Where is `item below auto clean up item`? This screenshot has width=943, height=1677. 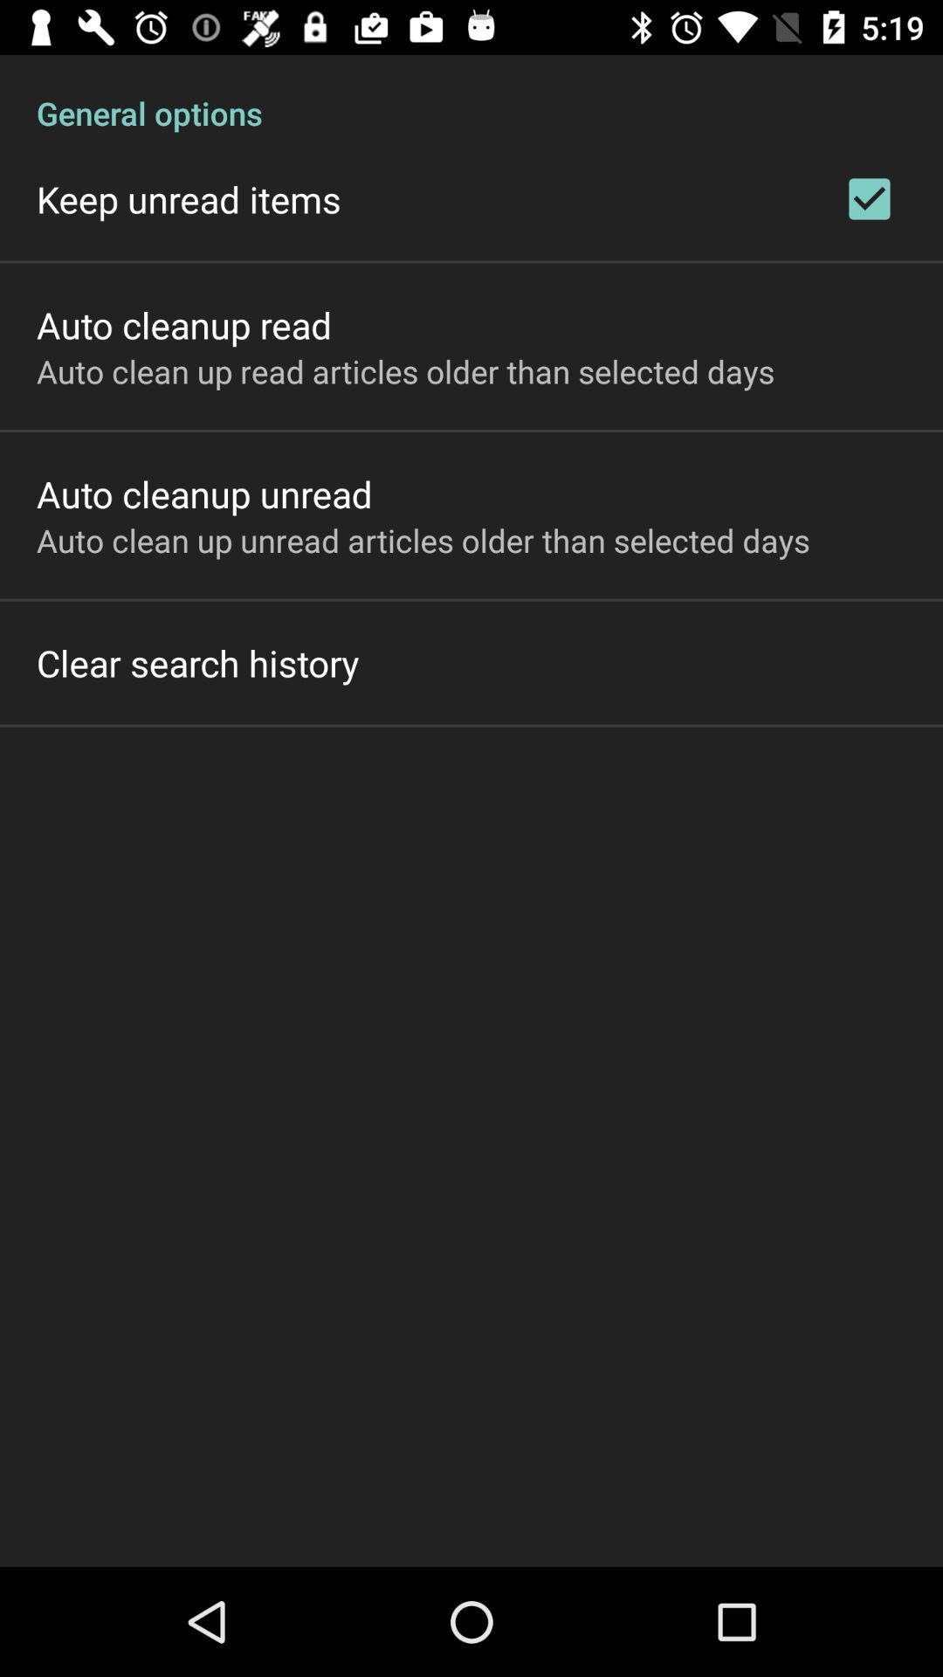 item below auto clean up item is located at coordinates (196, 661).